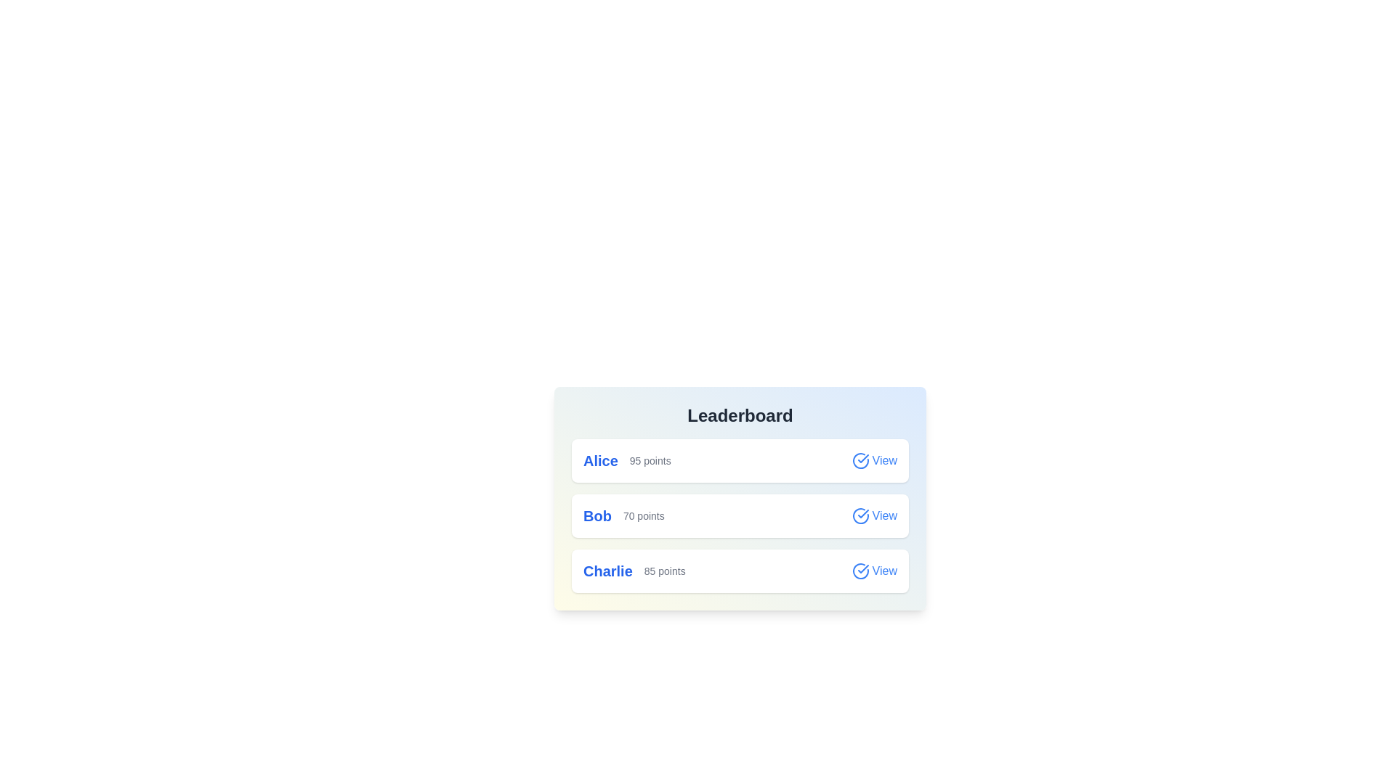  I want to click on 'View' button for the participant Charlie, so click(873, 570).